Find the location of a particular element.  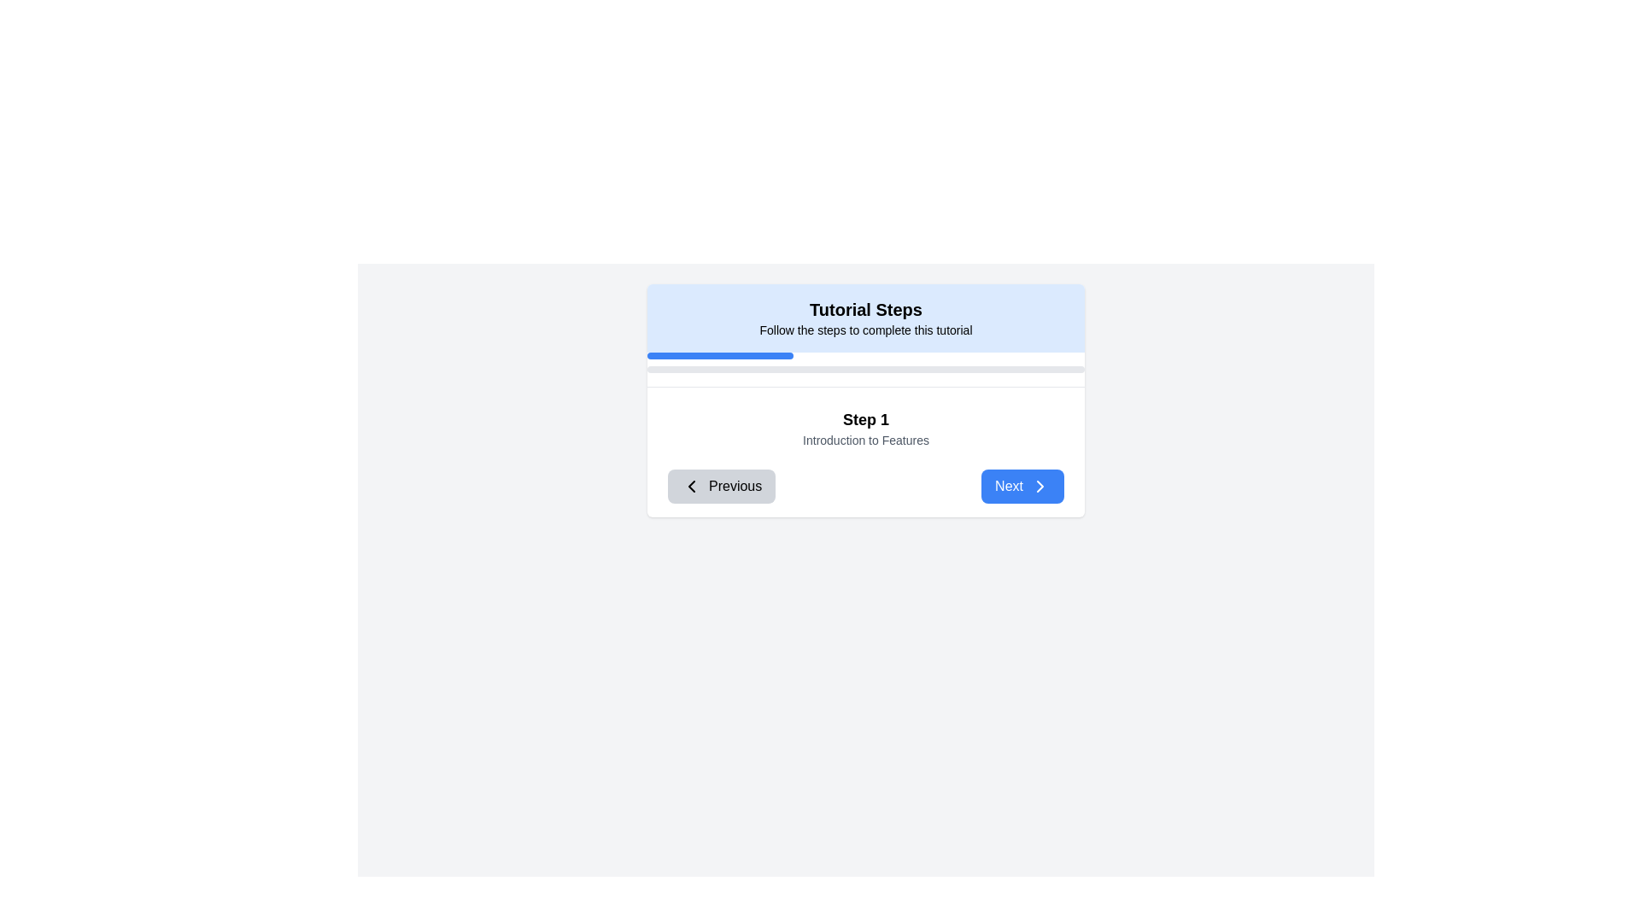

the progress bar completion is located at coordinates (926, 368).